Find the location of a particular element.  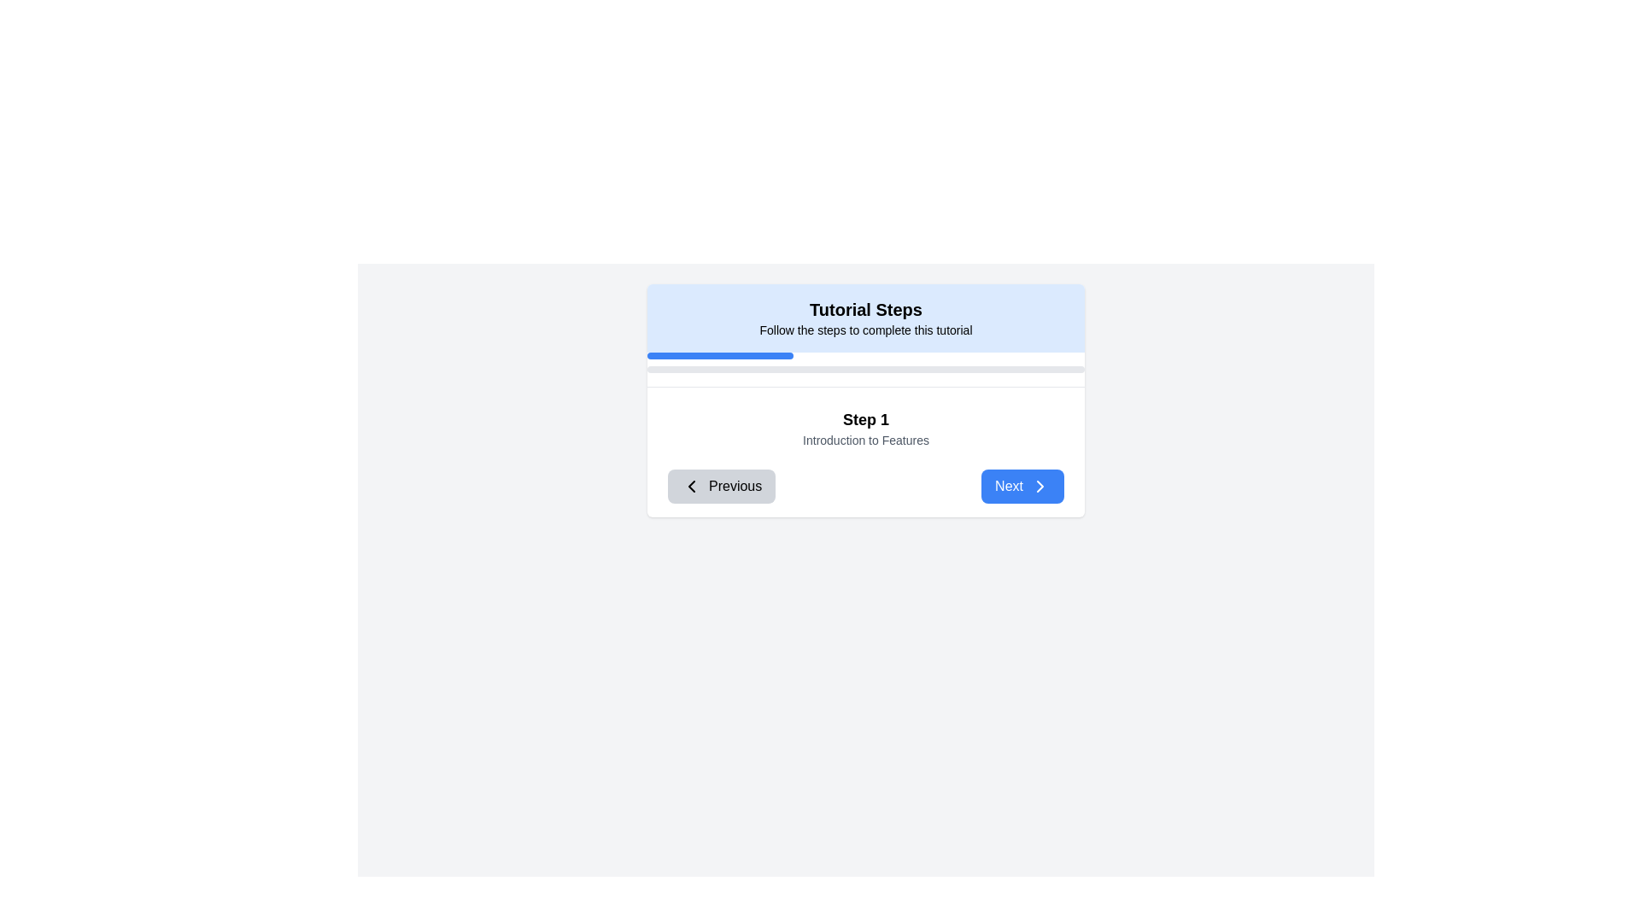

the progress bar completion is located at coordinates (926, 368).